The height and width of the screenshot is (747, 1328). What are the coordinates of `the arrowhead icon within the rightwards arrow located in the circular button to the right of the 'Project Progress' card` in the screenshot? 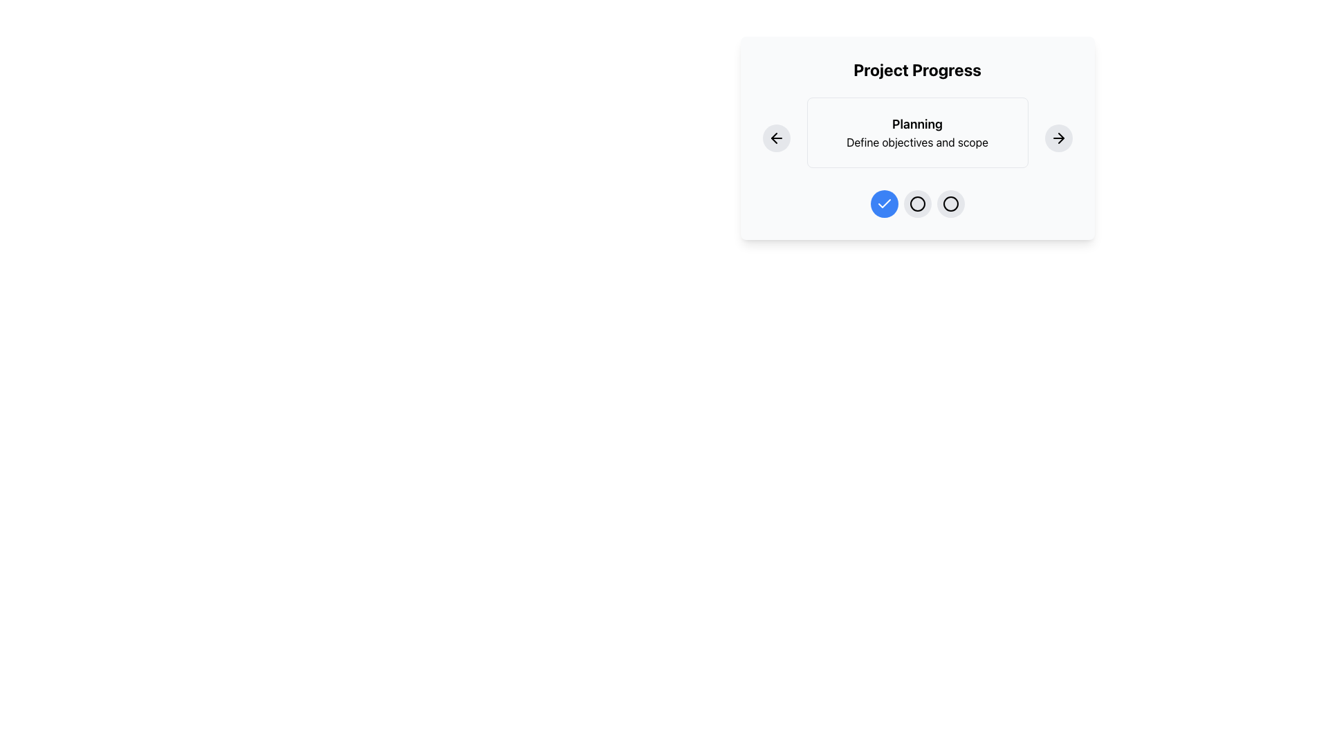 It's located at (1060, 138).